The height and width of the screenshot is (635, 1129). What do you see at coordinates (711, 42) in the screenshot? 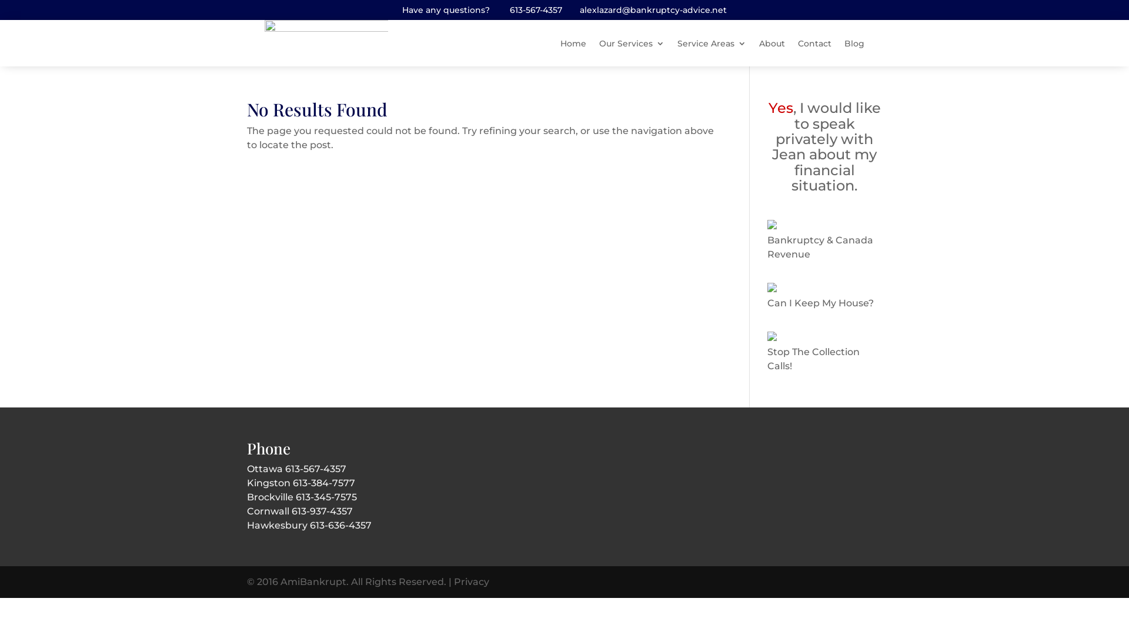
I see `'Service Areas'` at bounding box center [711, 42].